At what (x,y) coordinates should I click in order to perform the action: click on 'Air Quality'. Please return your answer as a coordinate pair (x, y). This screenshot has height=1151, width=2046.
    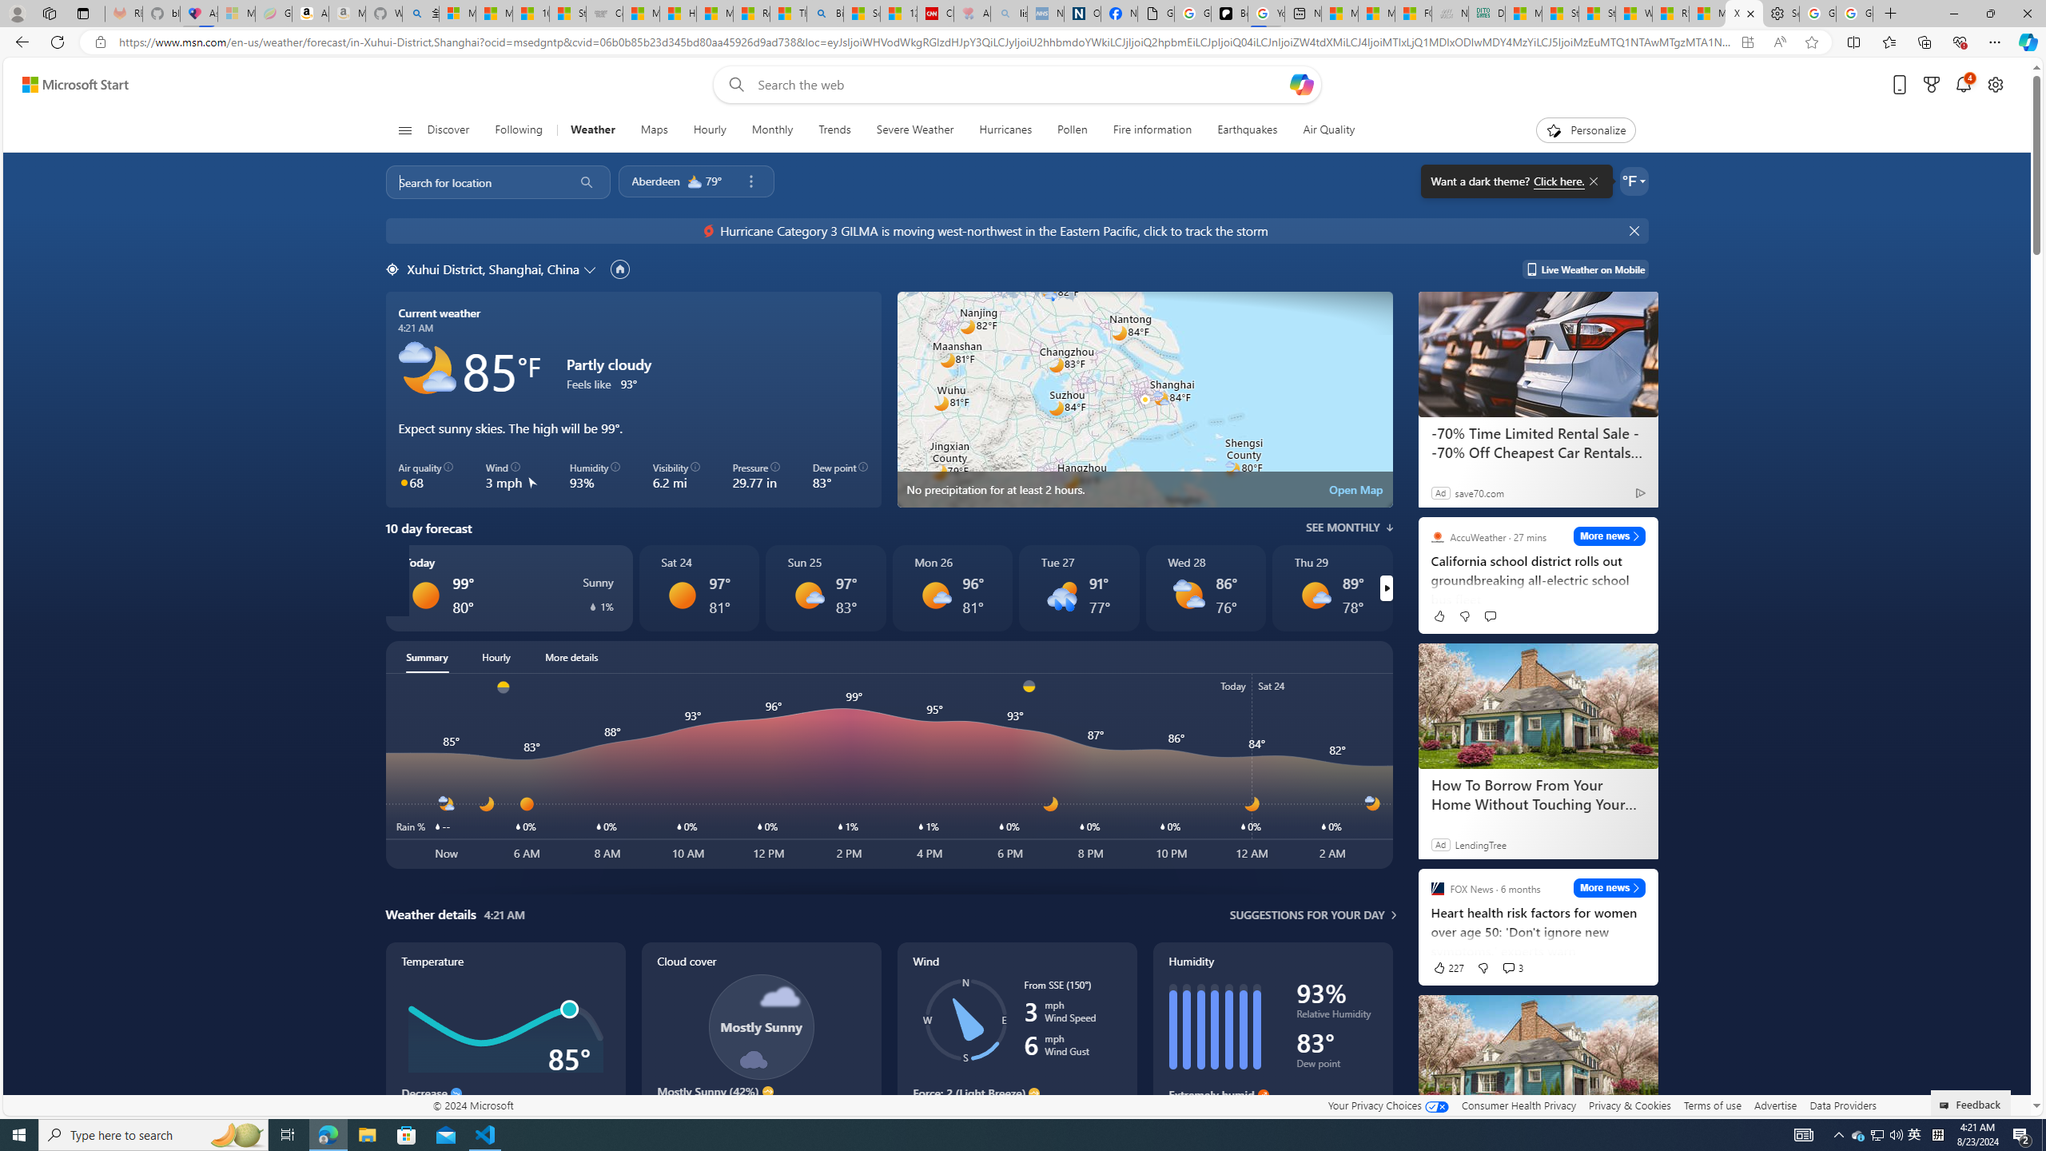
    Looking at the image, I should click on (1320, 129).